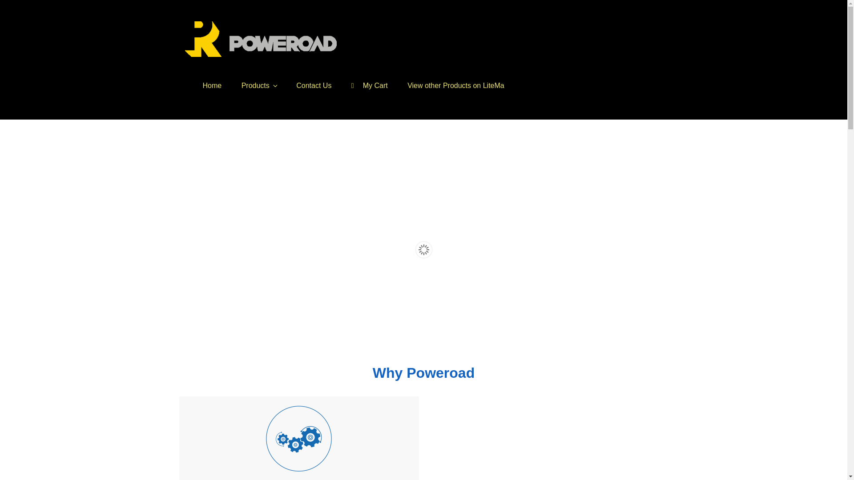 This screenshot has height=480, width=854. I want to click on 'View other Products on LiteMa', so click(456, 85).